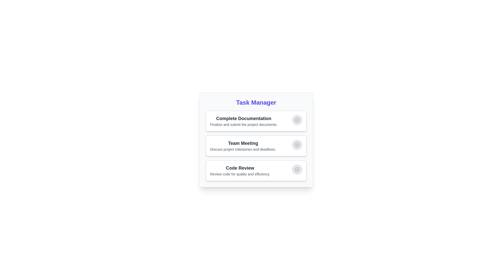 The height and width of the screenshot is (273, 486). What do you see at coordinates (297, 170) in the screenshot?
I see `the toggle button for task Code Review to mark it as complete or incomplete` at bounding box center [297, 170].